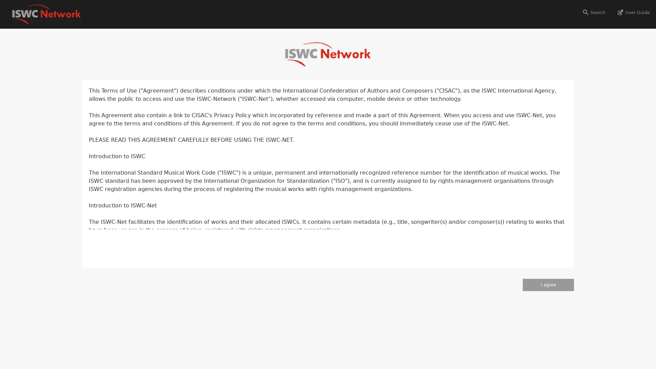 The height and width of the screenshot is (369, 656). Describe the element at coordinates (548, 285) in the screenshot. I see `I agree` at that location.